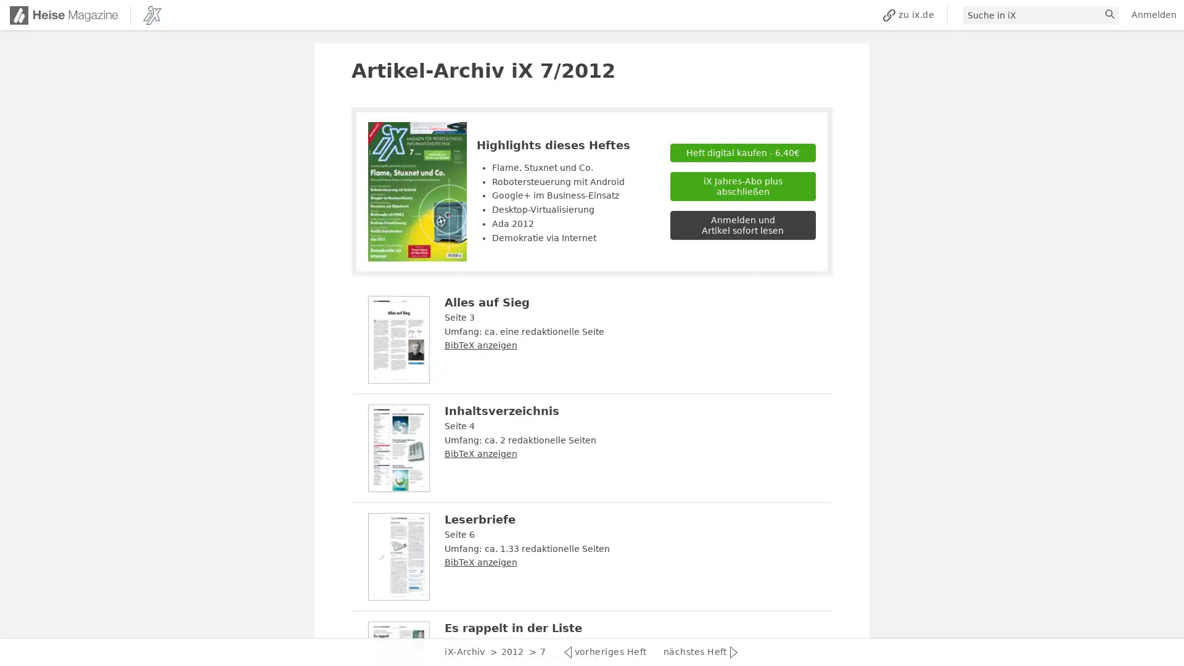 Image resolution: width=1184 pixels, height=666 pixels. Describe the element at coordinates (479, 562) in the screenshot. I see `BibTeX anzeigen` at that location.